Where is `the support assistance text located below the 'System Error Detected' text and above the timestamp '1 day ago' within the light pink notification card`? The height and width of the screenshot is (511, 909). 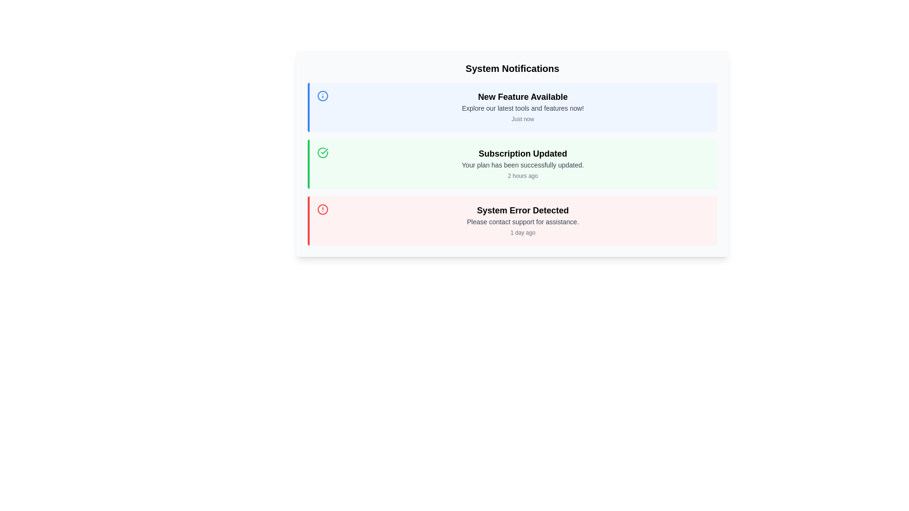 the support assistance text located below the 'System Error Detected' text and above the timestamp '1 day ago' within the light pink notification card is located at coordinates (522, 222).